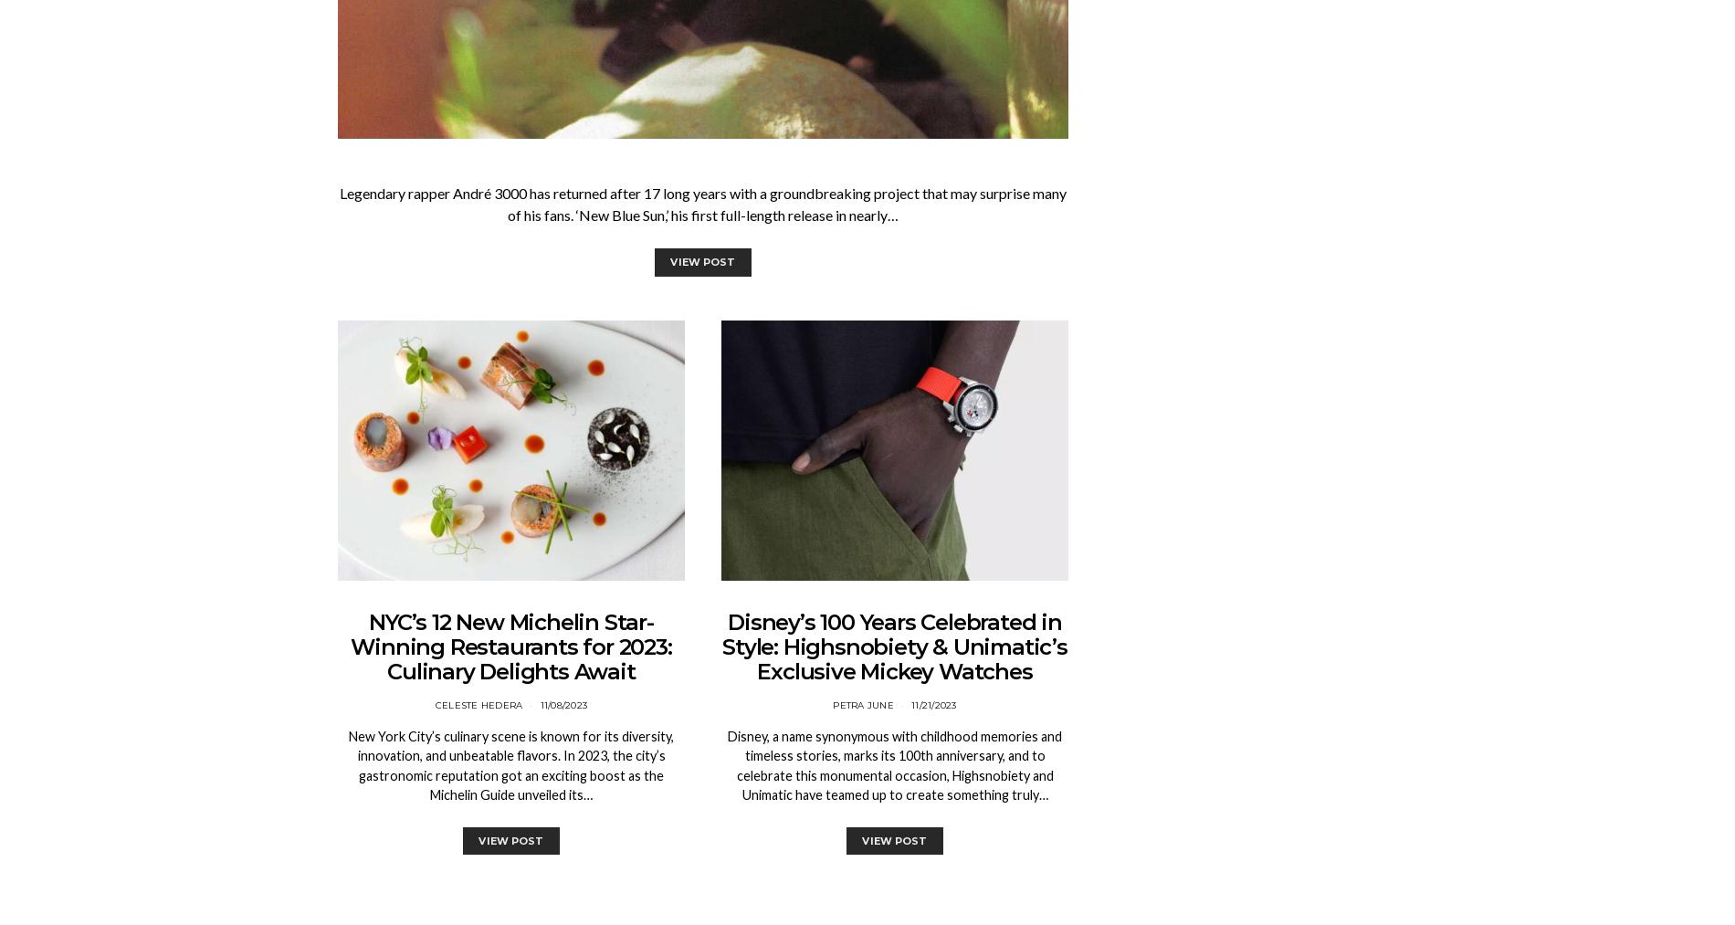 This screenshot has width=1735, height=925. What do you see at coordinates (349, 645) in the screenshot?
I see `'NYC’s 12 New Michelin Star-Winning Restaurants for 2023: Culinary Delights Await'` at bounding box center [349, 645].